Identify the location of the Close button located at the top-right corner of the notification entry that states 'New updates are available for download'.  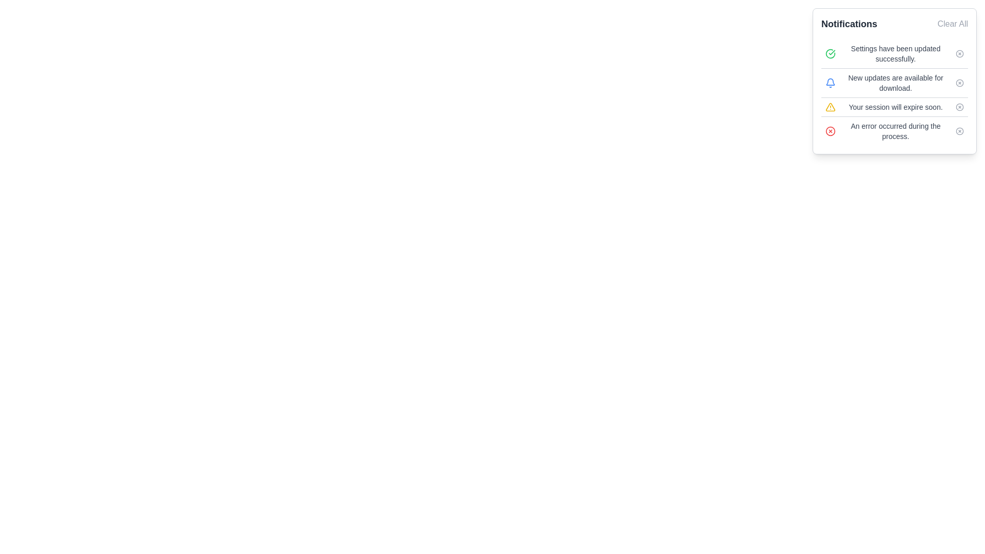
(959, 83).